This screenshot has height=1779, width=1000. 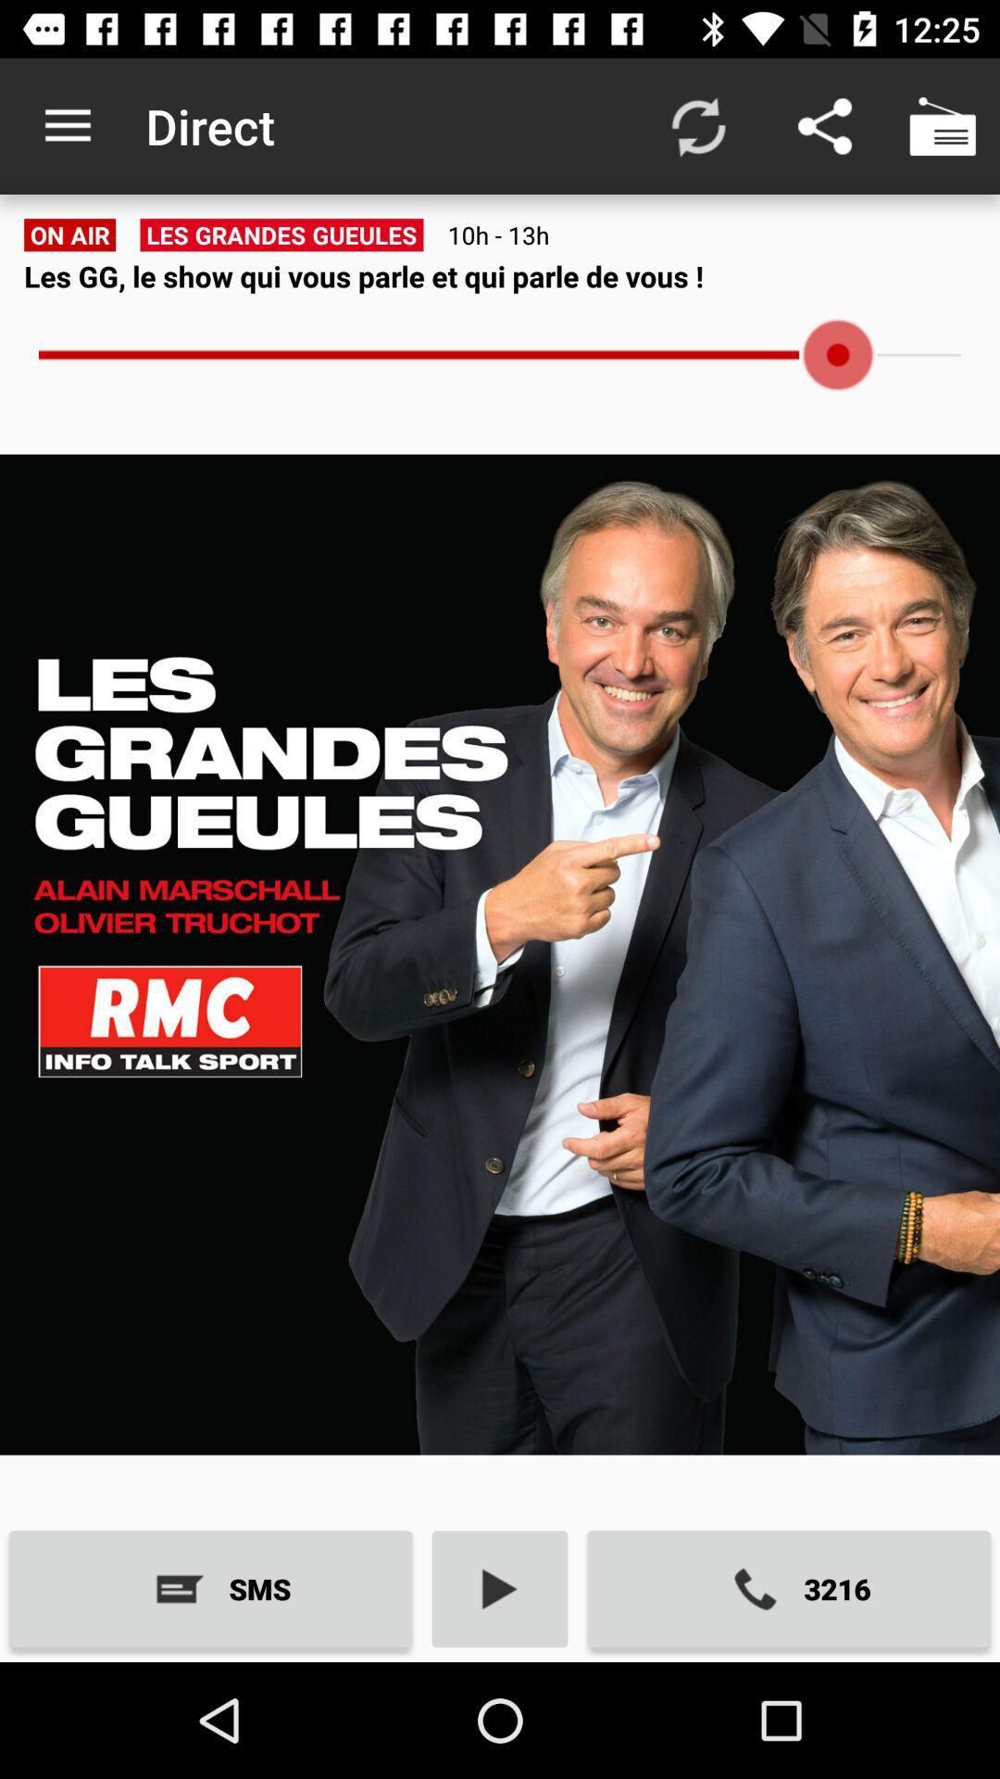 What do you see at coordinates (209, 1588) in the screenshot?
I see `sms` at bounding box center [209, 1588].